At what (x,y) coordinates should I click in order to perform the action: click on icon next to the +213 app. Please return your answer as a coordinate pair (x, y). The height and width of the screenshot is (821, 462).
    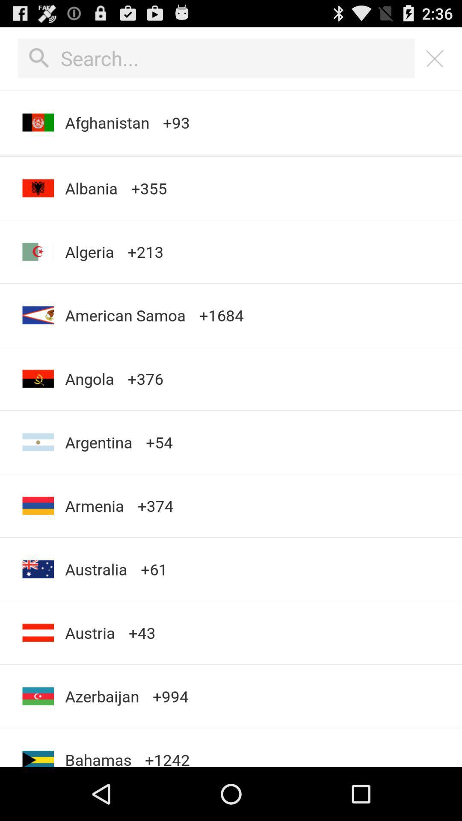
    Looking at the image, I should click on (89, 251).